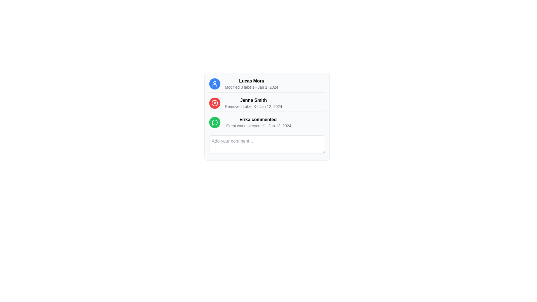 The height and width of the screenshot is (302, 537). I want to click on the circular red button with white inner elements that indicates a removal or cancellation action, associated with 'Jenna Smith - Removed Label X - Jan 12, 2024', so click(215, 103).